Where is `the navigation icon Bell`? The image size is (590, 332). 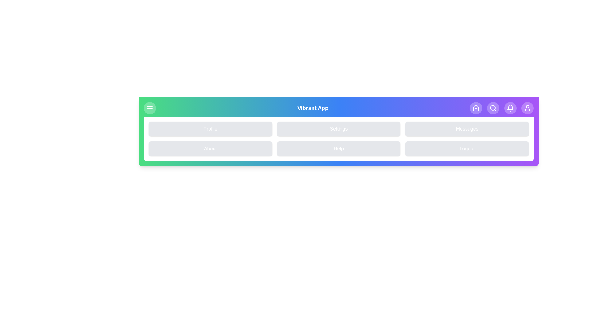
the navigation icon Bell is located at coordinates (510, 108).